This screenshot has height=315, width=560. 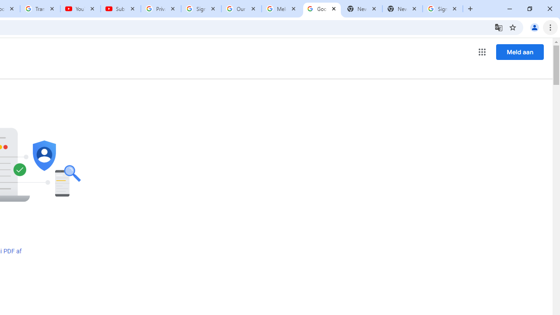 What do you see at coordinates (80, 9) in the screenshot?
I see `'YouTube'` at bounding box center [80, 9].